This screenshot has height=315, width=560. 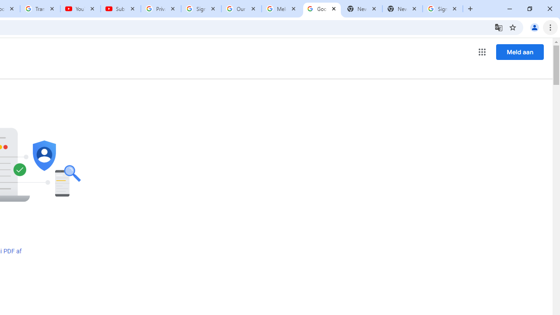 What do you see at coordinates (80, 9) in the screenshot?
I see `'YouTube'` at bounding box center [80, 9].